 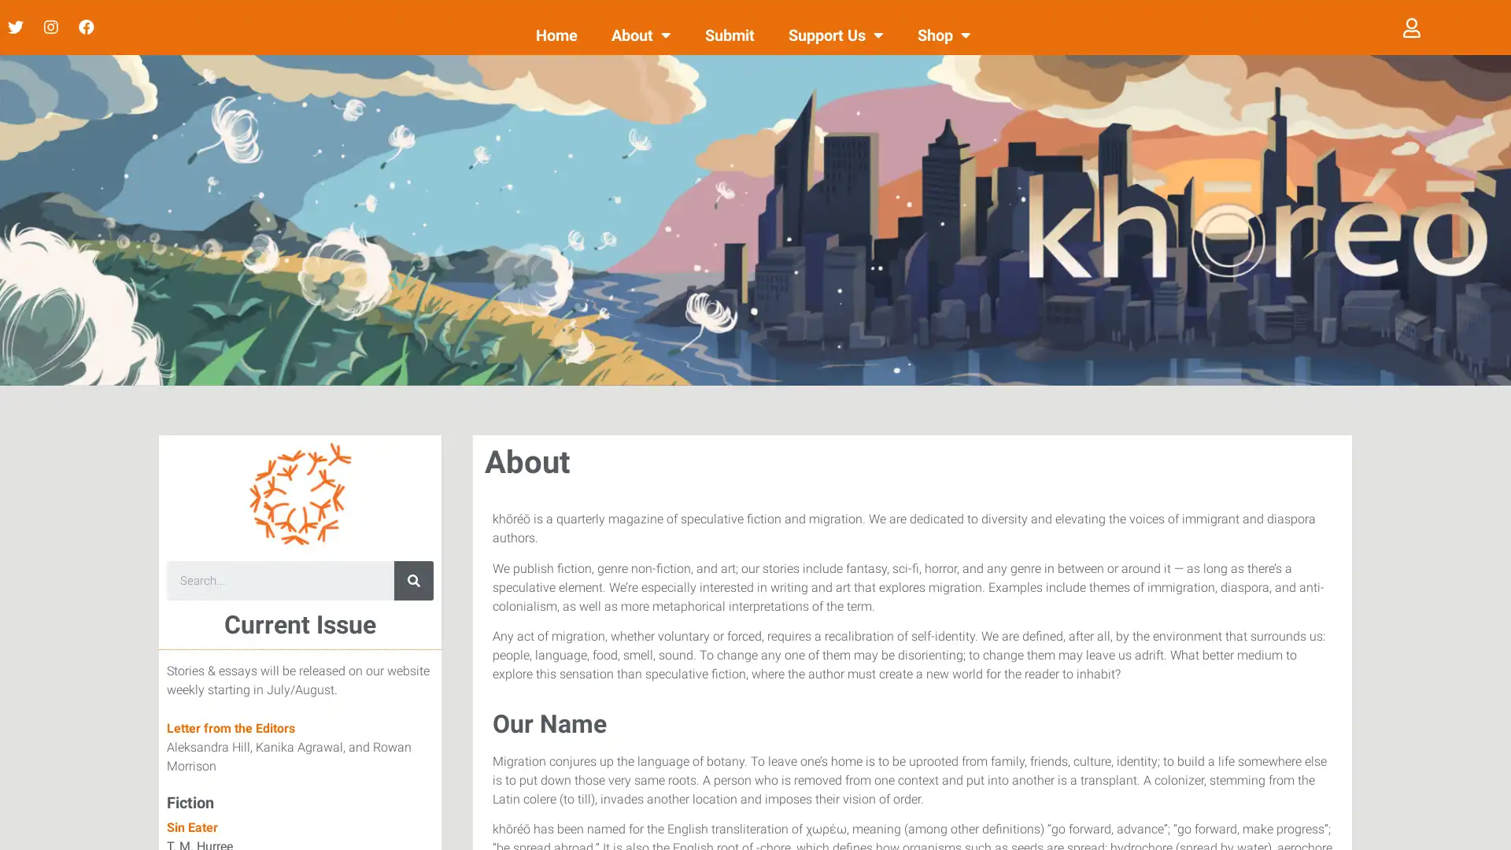 I want to click on Search, so click(x=414, y=580).